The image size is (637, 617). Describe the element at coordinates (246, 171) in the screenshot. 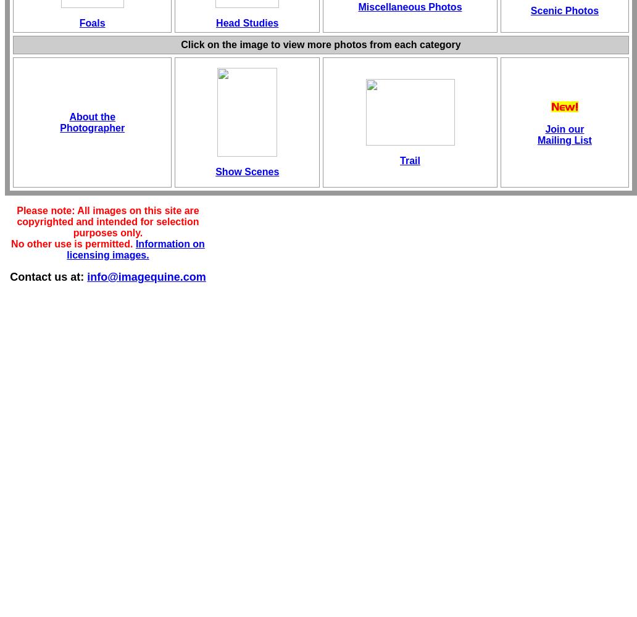

I see `'Show 
            Scenes'` at that location.